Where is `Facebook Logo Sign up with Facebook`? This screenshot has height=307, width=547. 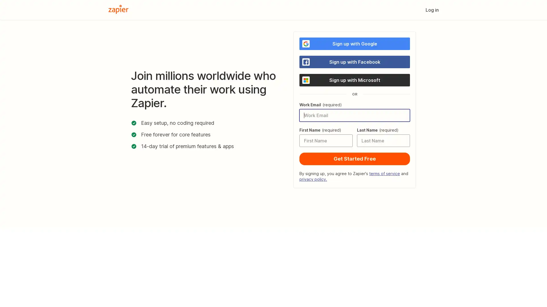
Facebook Logo Sign up with Facebook is located at coordinates (354, 62).